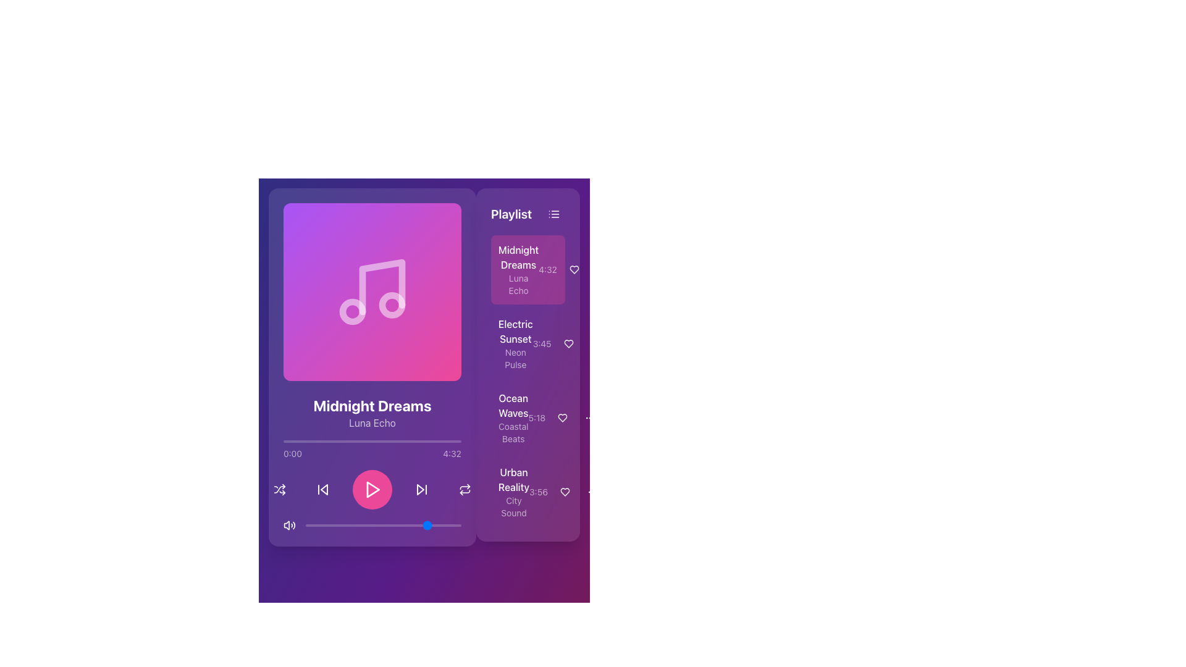 This screenshot has width=1186, height=667. I want to click on the 'favorite' icon button for the track 'Electric Sunset' located to the right of the text '3:45' in the playlist, so click(568, 343).